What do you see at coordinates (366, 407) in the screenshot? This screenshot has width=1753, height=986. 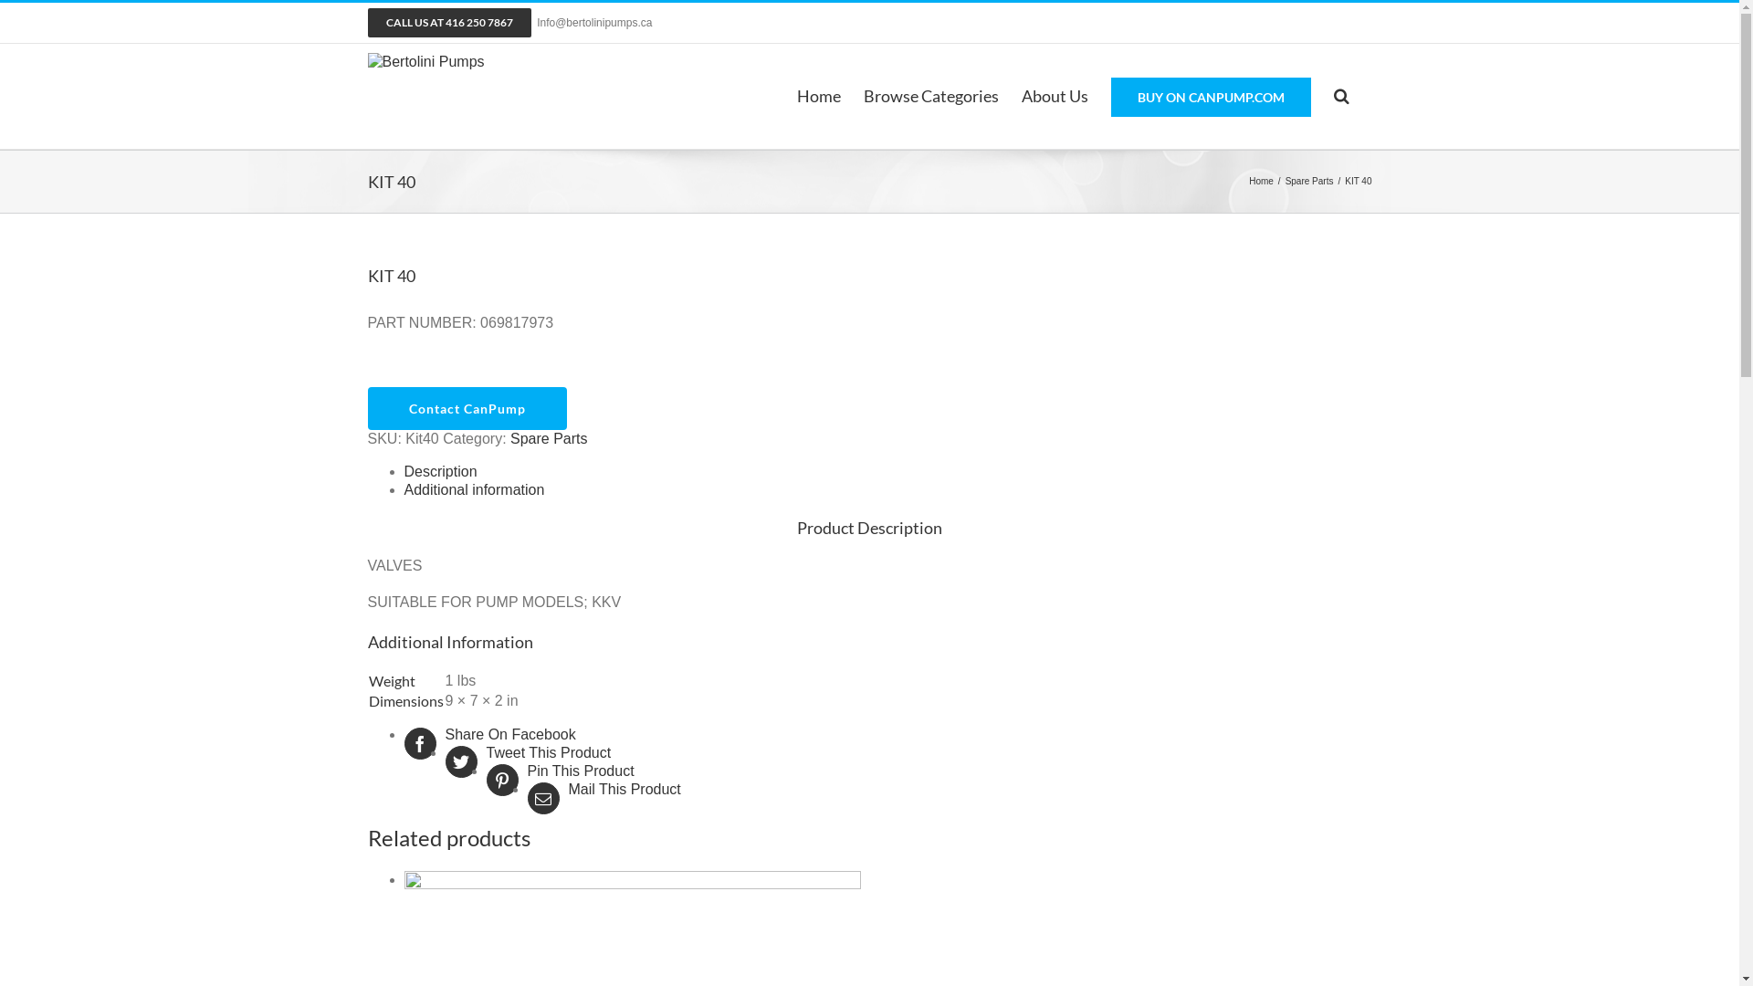 I see `'Contact CanPump'` at bounding box center [366, 407].